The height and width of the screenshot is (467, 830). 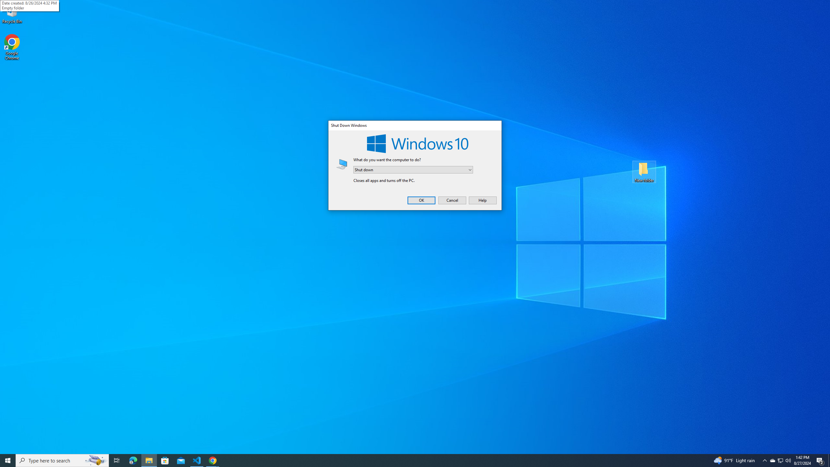 What do you see at coordinates (788, 460) in the screenshot?
I see `'Q2790: 100%'` at bounding box center [788, 460].